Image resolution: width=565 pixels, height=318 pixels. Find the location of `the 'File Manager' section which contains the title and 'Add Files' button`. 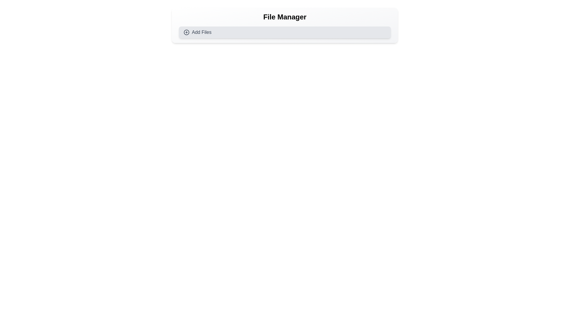

the 'File Manager' section which contains the title and 'Add Files' button is located at coordinates (285, 25).